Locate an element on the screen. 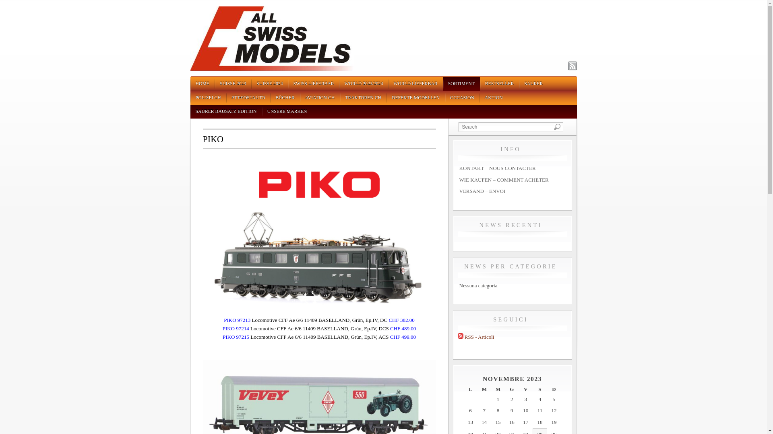 The width and height of the screenshot is (773, 434). 'SUISSE 2024' is located at coordinates (269, 84).